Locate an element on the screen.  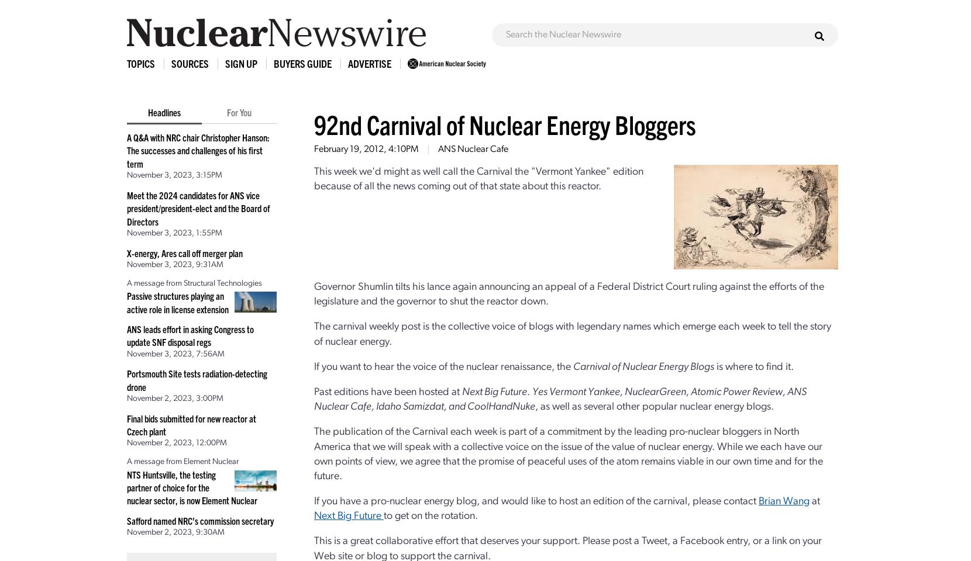
'A Q&A with NRC chair Christopher Hanson: The successes and challenges of his first term' is located at coordinates (198, 149).